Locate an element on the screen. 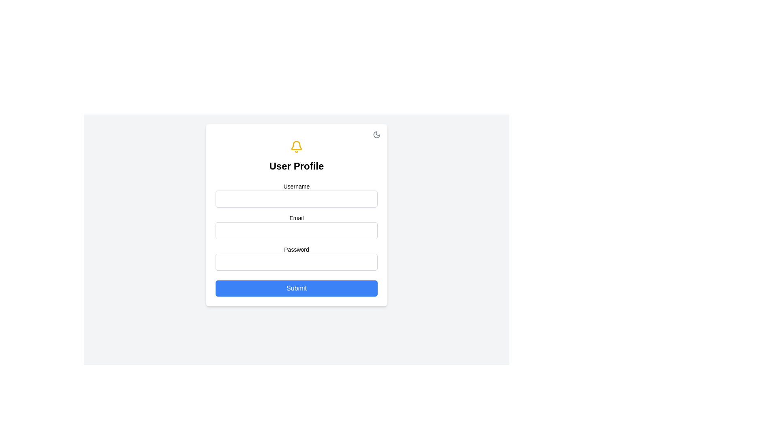 This screenshot has height=437, width=778. the yellow bell icon with a bold outline, located above the 'User Profile' title in the modal dialog is located at coordinates (296, 146).